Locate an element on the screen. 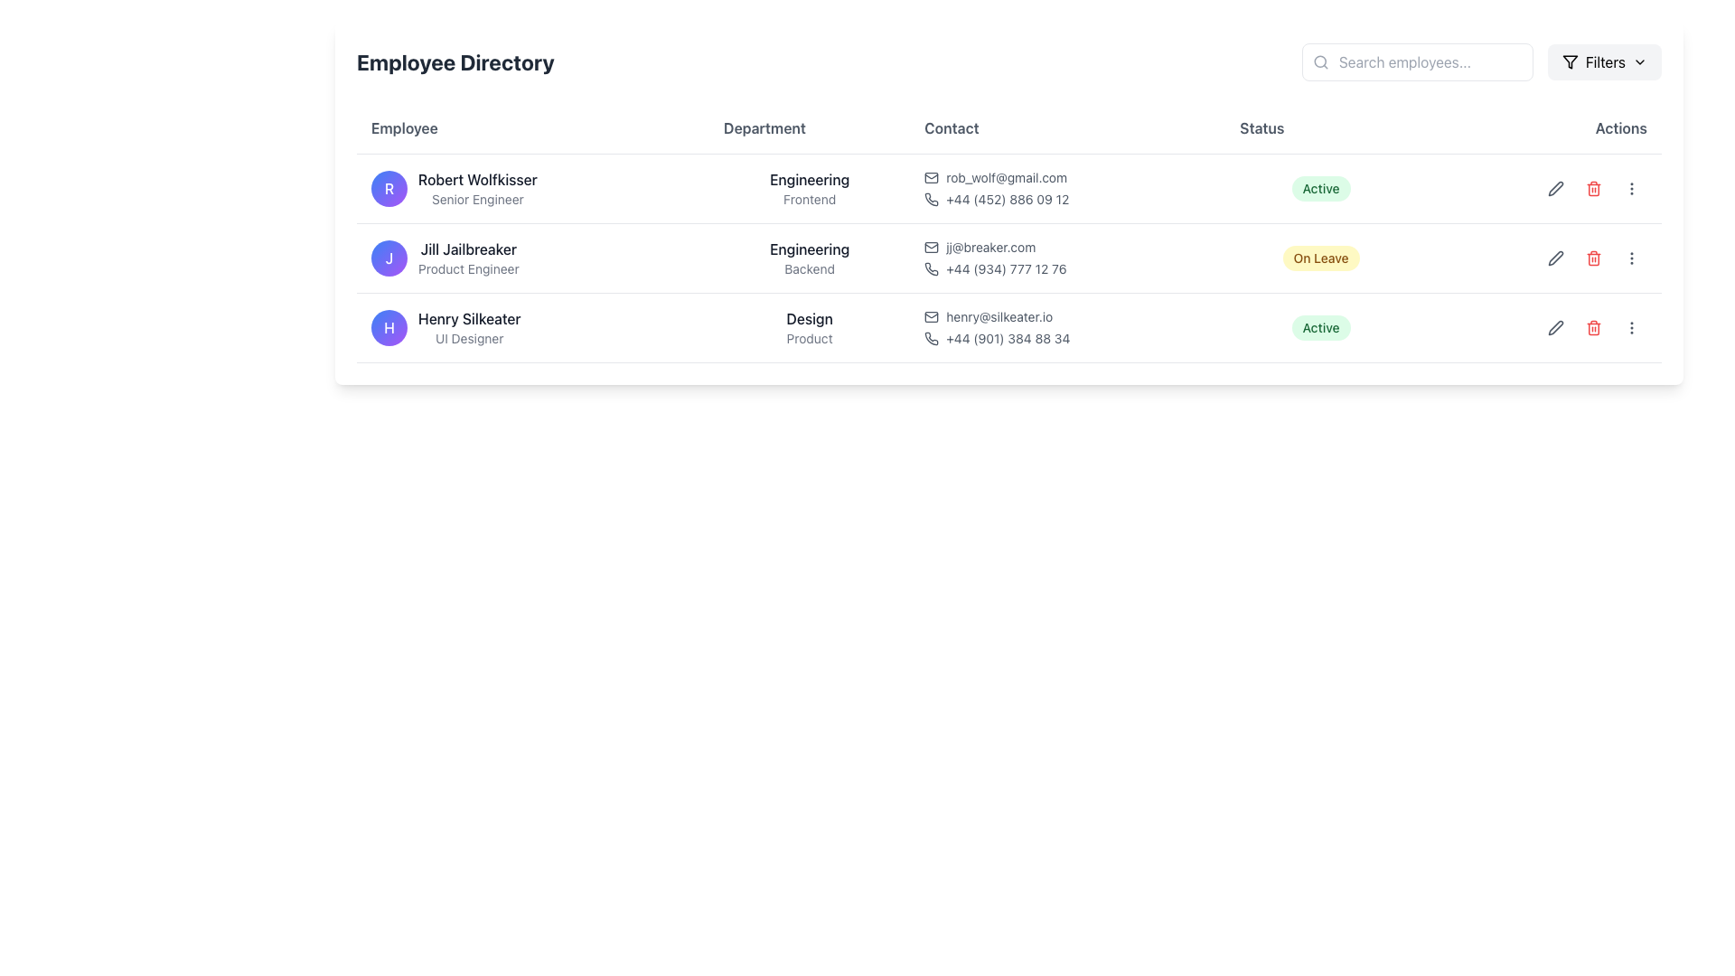  the Status badge indicating 'Active' for the employee 'Henry Silkeater' located in the third row of the employee directory table is located at coordinates (1321, 327).